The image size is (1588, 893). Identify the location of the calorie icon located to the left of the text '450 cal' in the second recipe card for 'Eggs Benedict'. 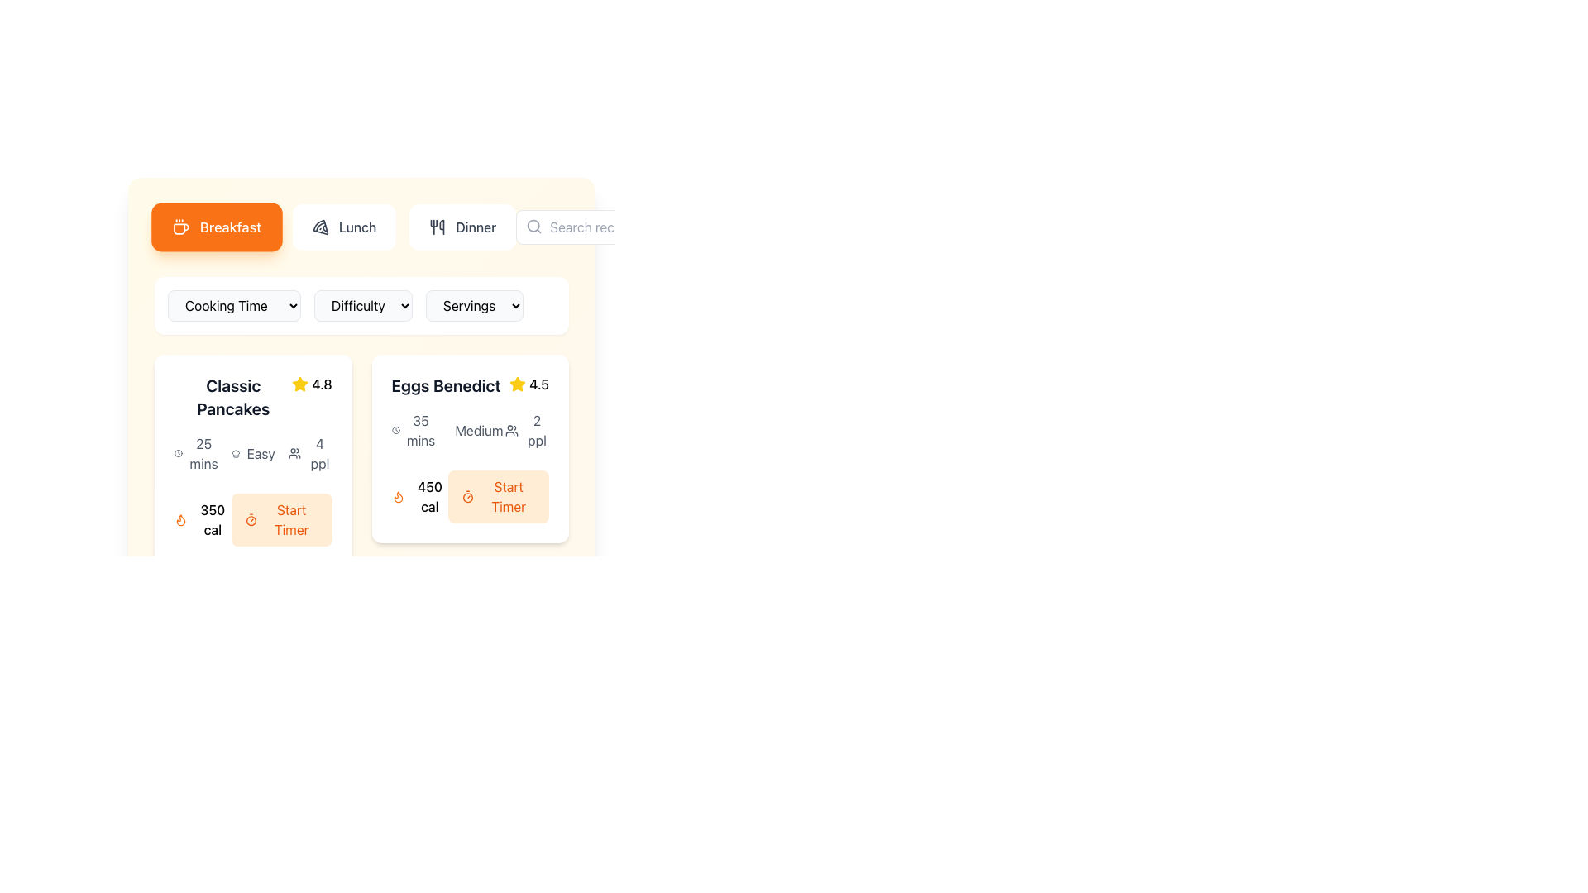
(398, 496).